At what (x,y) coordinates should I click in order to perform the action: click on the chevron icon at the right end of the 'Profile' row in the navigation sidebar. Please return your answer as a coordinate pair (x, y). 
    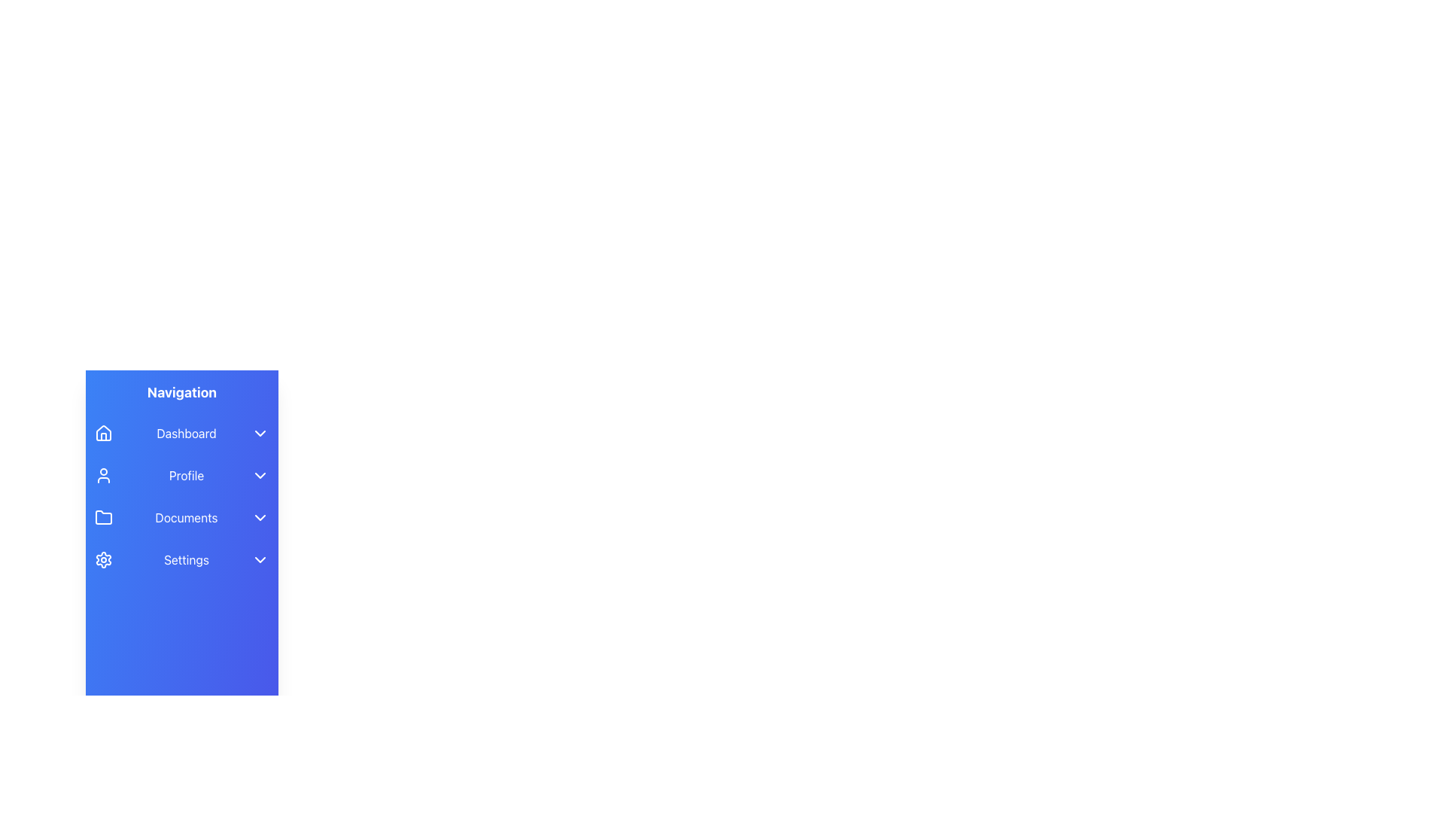
    Looking at the image, I should click on (260, 476).